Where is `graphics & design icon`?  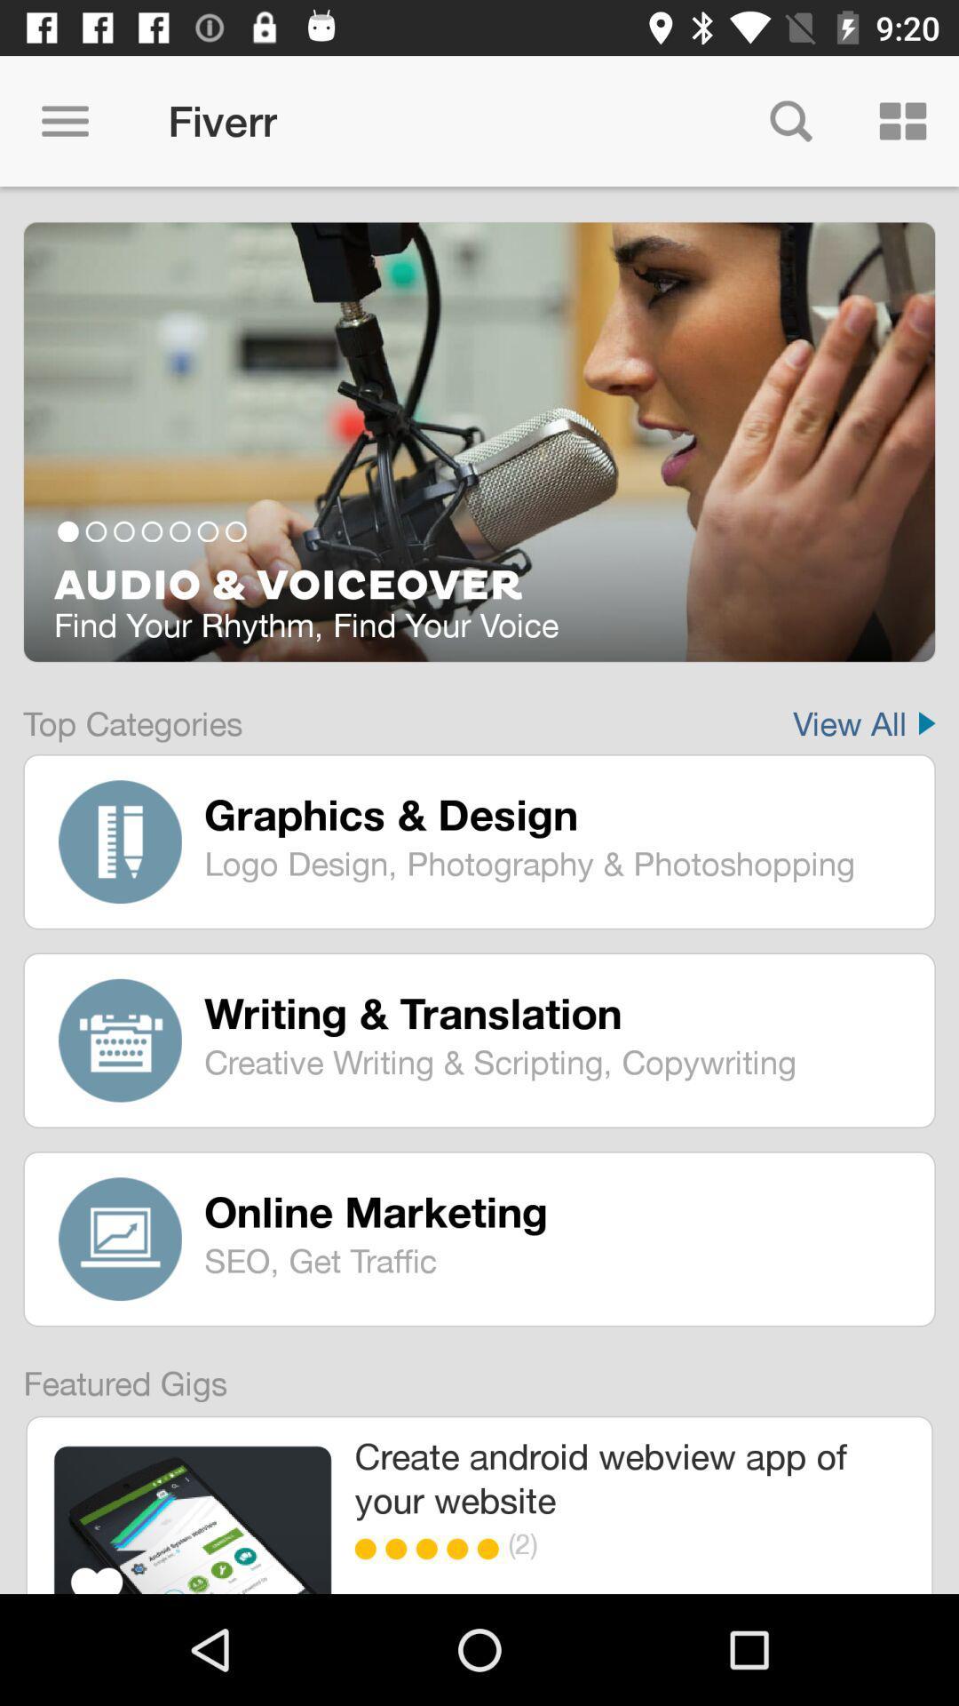 graphics & design icon is located at coordinates (556, 813).